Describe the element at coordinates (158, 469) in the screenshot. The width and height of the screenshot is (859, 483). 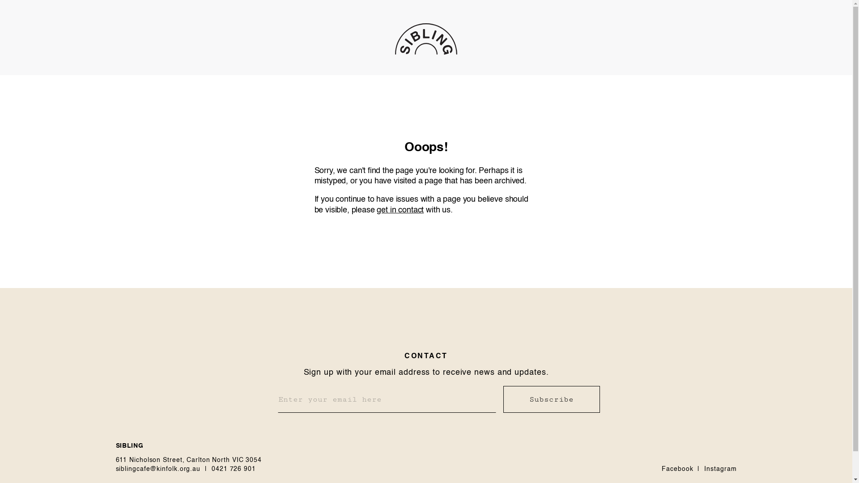
I see `'siblingcafe@kinfolk.org.au'` at that location.